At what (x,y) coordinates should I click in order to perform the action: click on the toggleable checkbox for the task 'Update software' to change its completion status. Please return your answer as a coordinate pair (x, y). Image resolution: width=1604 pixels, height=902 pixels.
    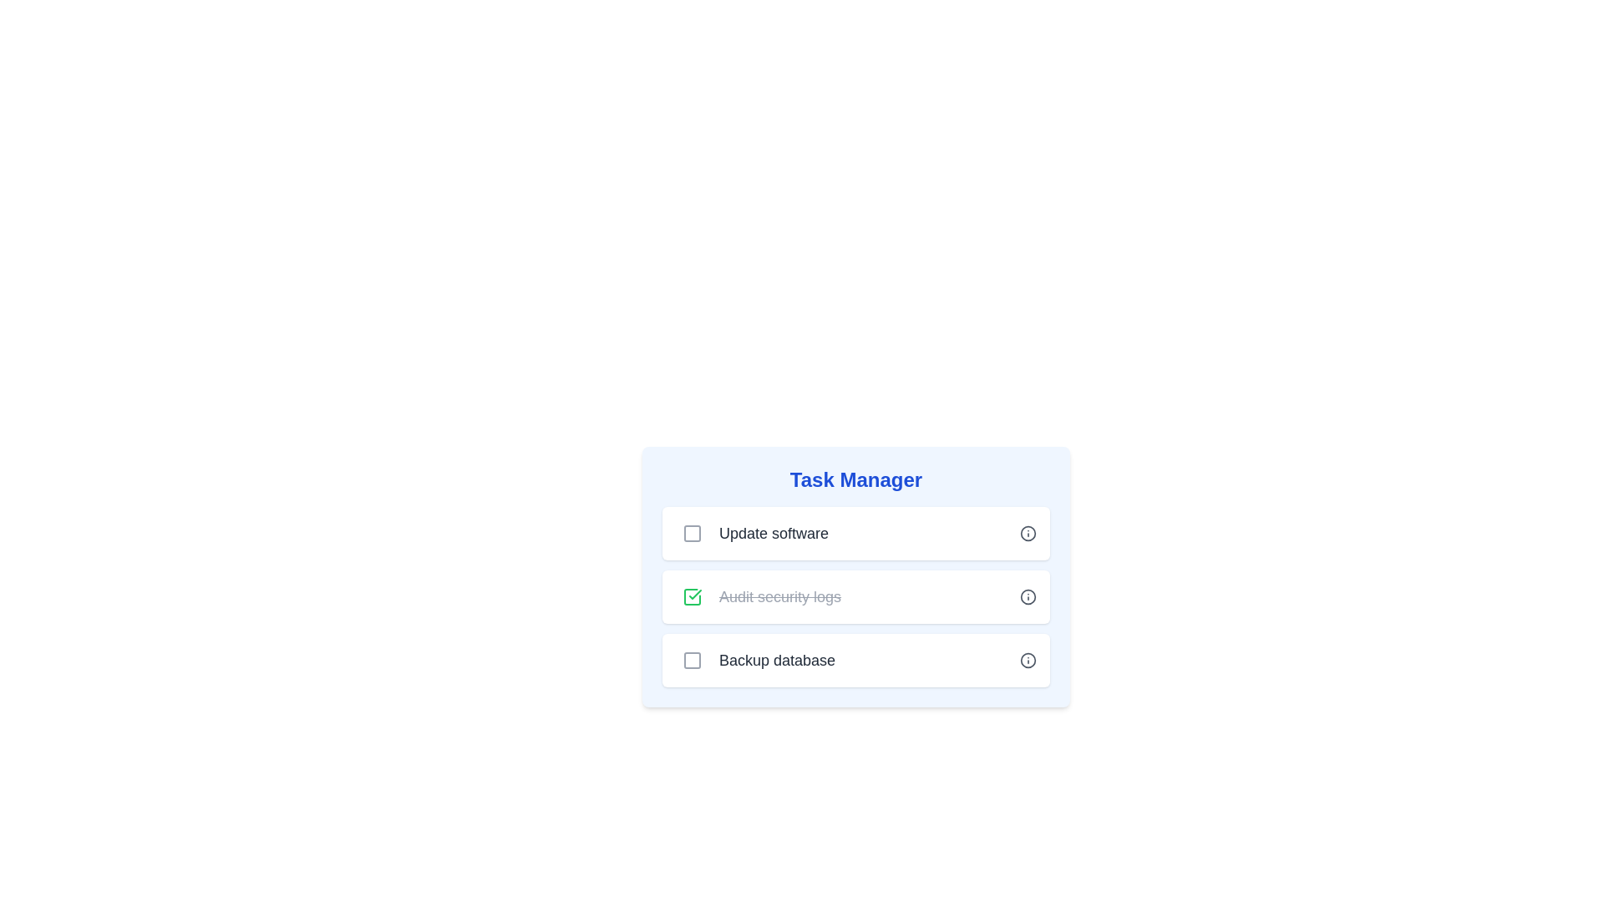
    Looking at the image, I should click on (693, 534).